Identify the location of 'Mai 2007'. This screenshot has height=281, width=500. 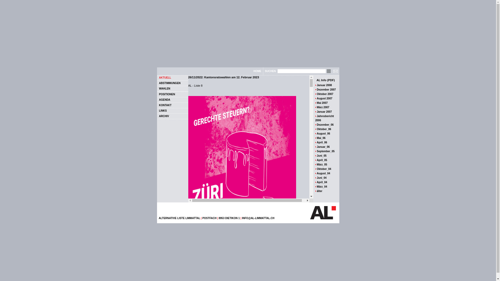
(322, 103).